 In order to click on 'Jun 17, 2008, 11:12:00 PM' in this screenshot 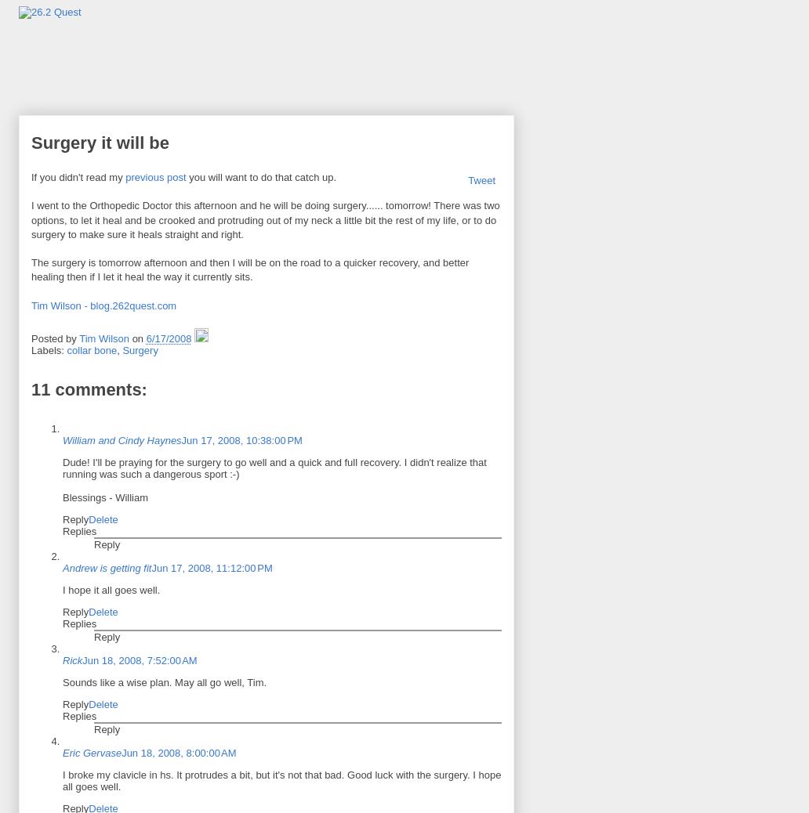, I will do `click(211, 566)`.